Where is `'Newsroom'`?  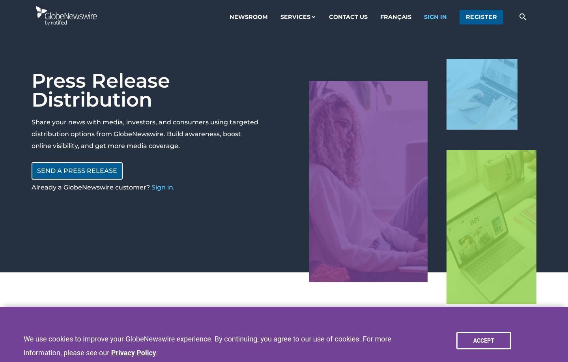 'Newsroom' is located at coordinates (248, 16).